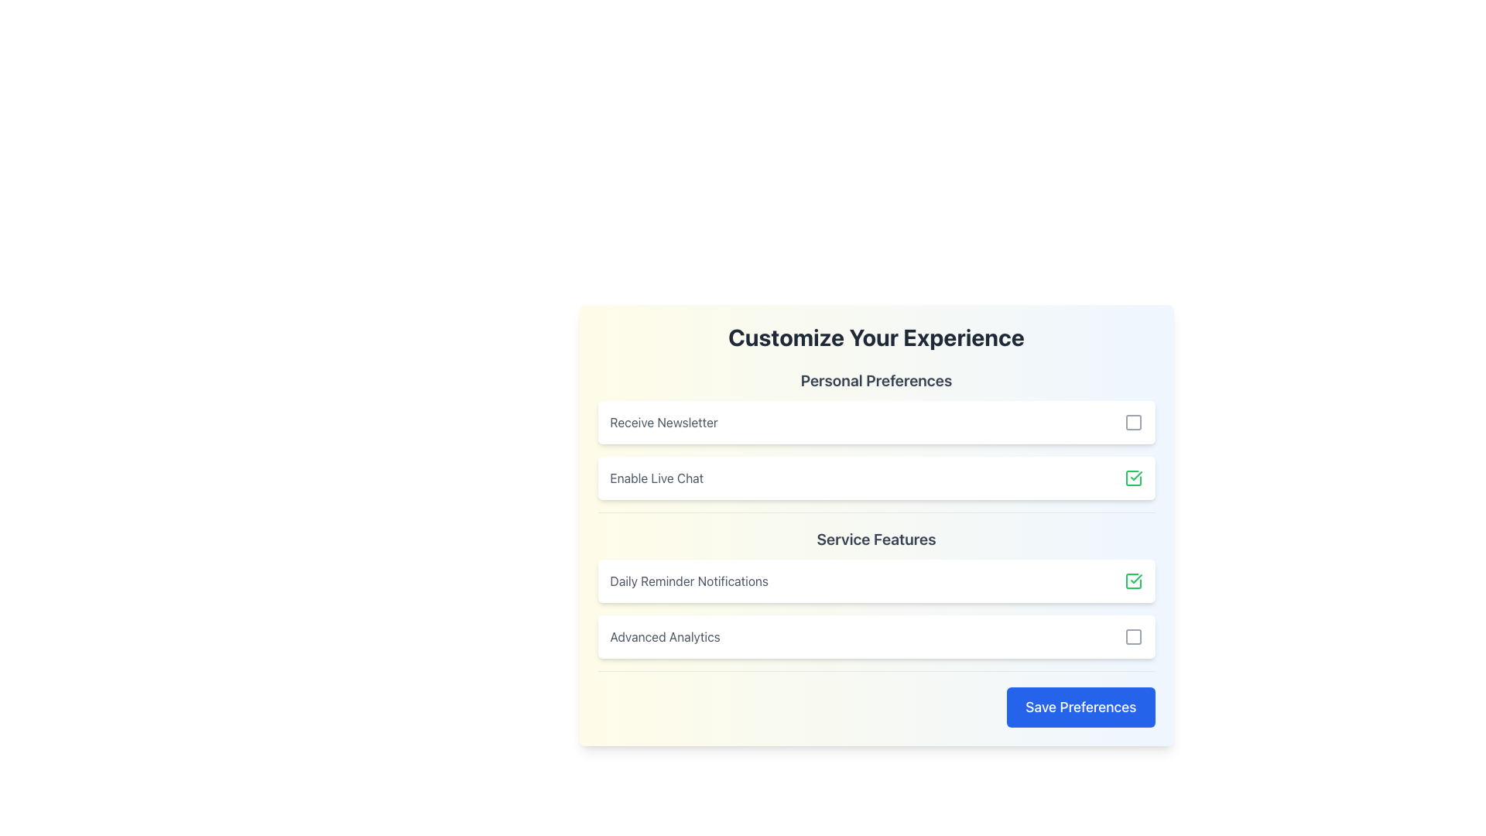 This screenshot has width=1486, height=836. What do you see at coordinates (876, 636) in the screenshot?
I see `the 'Advanced Analytics' checkbox option located below the 'Daily Reminder Notifications' in the 'Service Features' section` at bounding box center [876, 636].